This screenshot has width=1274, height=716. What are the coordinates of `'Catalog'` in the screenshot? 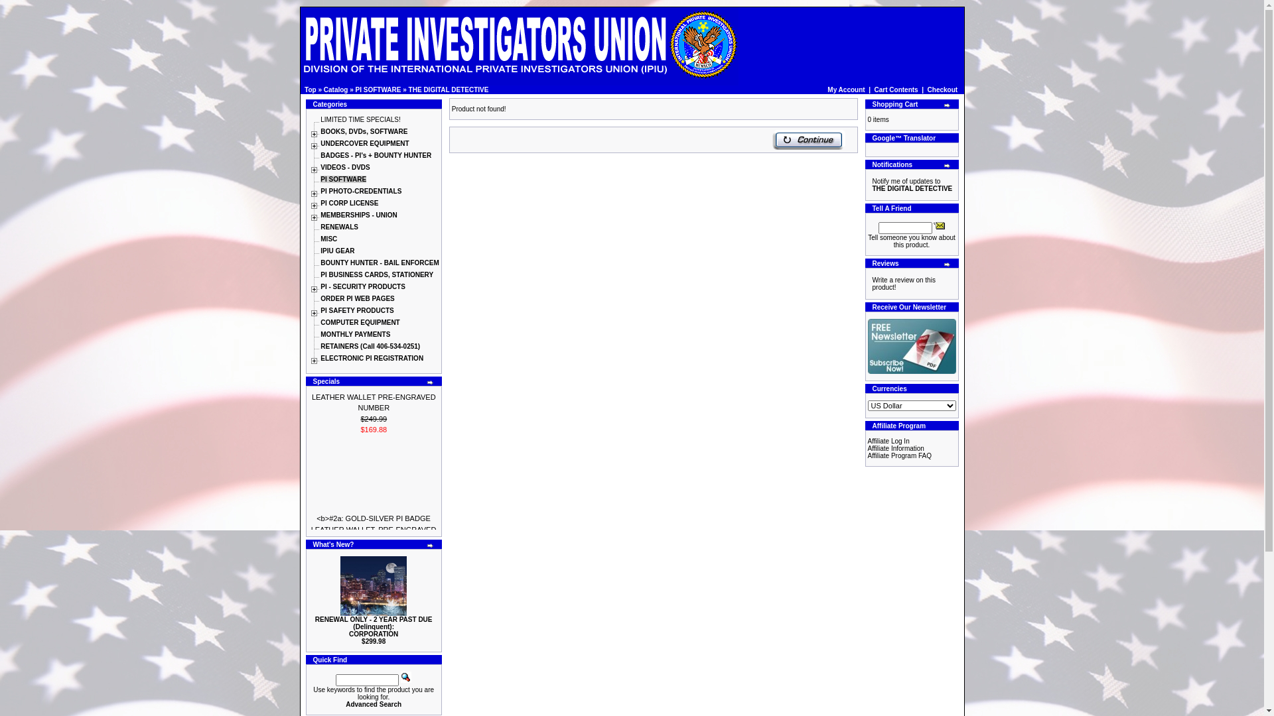 It's located at (336, 89).